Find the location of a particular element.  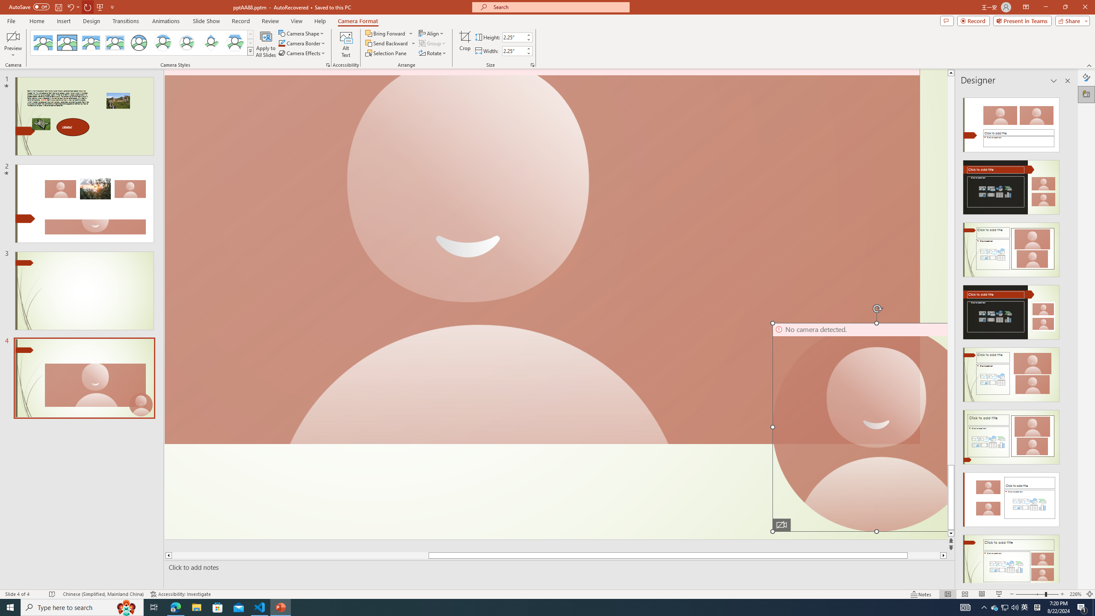

'Enable Camera Preview' is located at coordinates (12, 36).